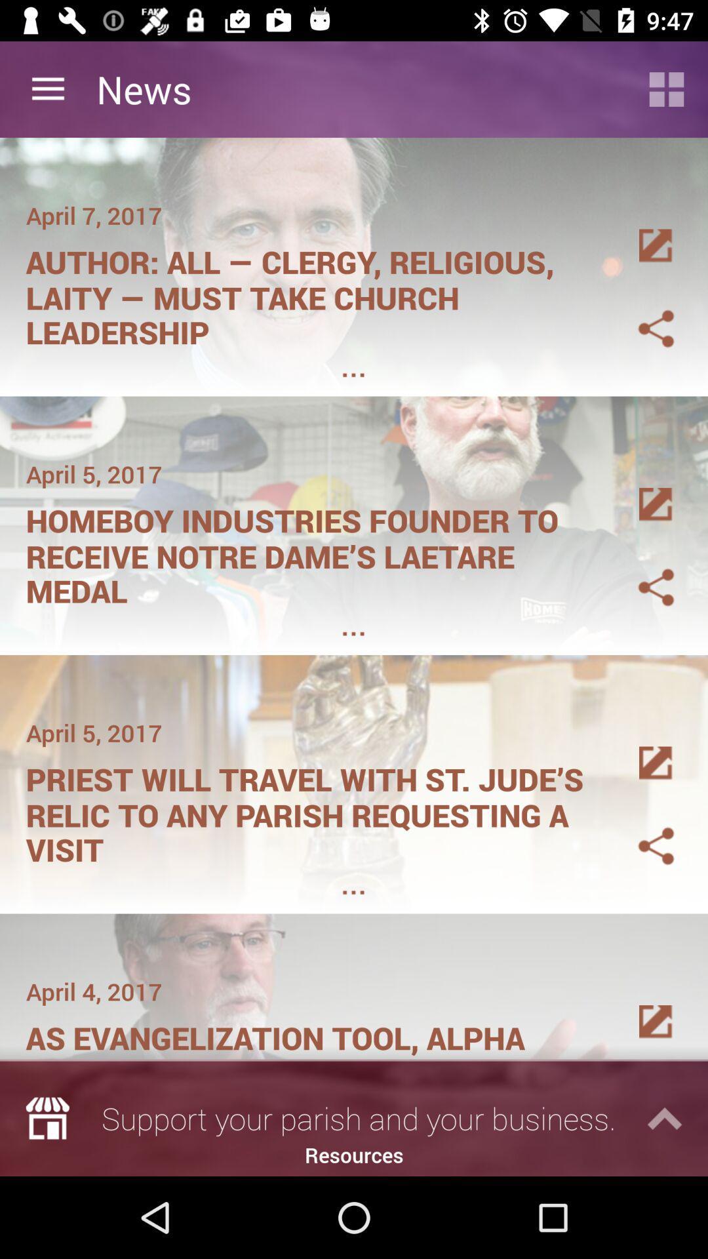 This screenshot has height=1259, width=708. I want to click on share the article, so click(640, 489).